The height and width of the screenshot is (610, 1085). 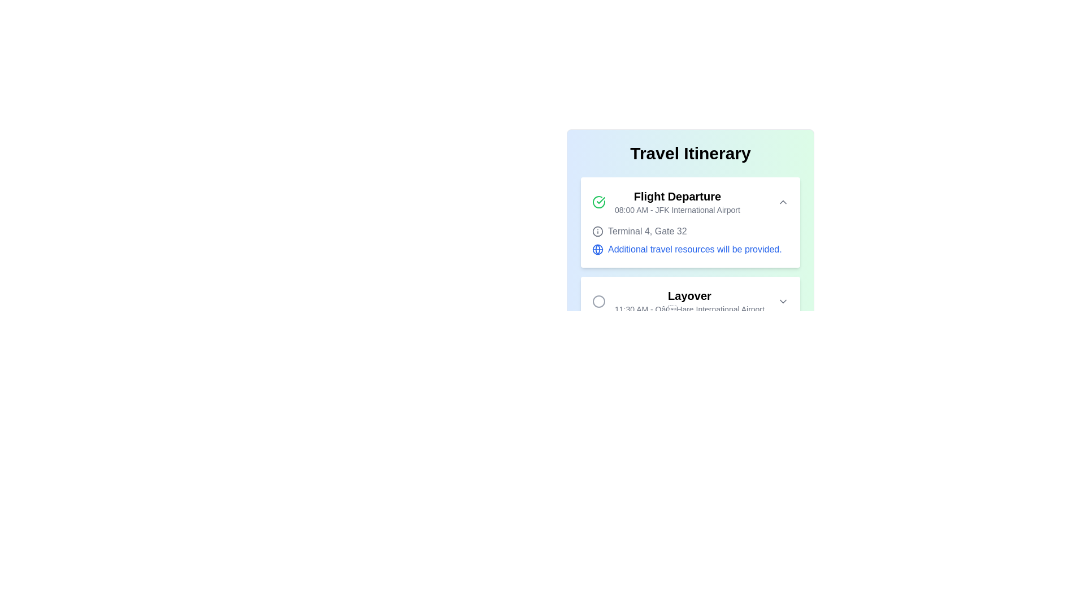 I want to click on information from the static text label that displays '11:30 AM - O’Hare International Airport', which is located below the 'Layover' label in the itinerary layout, so click(x=689, y=309).